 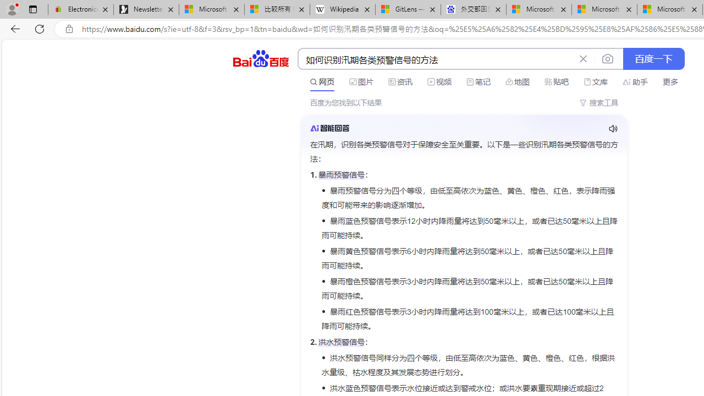 What do you see at coordinates (80, 9) in the screenshot?
I see `'Electronics, Cars, Fashion, Collectibles & More | eBay'` at bounding box center [80, 9].